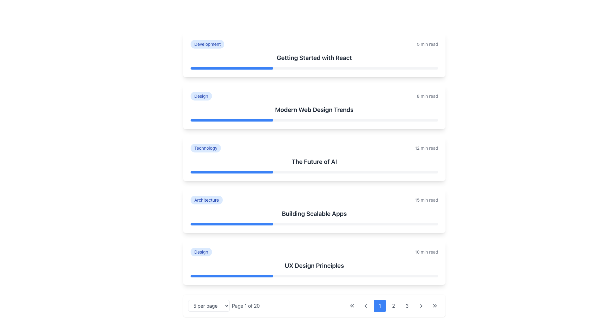 This screenshot has width=594, height=334. What do you see at coordinates (365, 305) in the screenshot?
I see `the chevron icon button for backward navigation in the pagination controls` at bounding box center [365, 305].